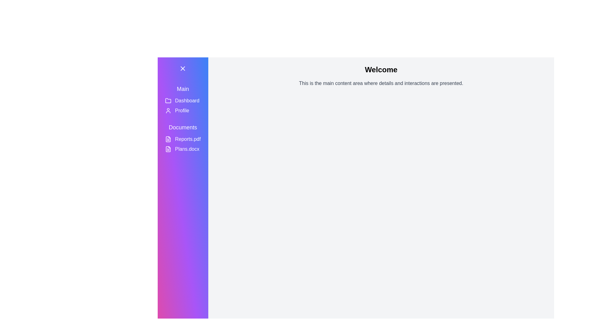 The width and height of the screenshot is (596, 335). I want to click on the document file icon located in the sidebar, which is visually represented by a rectangular outline resembling a file or page, positioned between 'Profile' and 'Reports.pdf', so click(168, 149).